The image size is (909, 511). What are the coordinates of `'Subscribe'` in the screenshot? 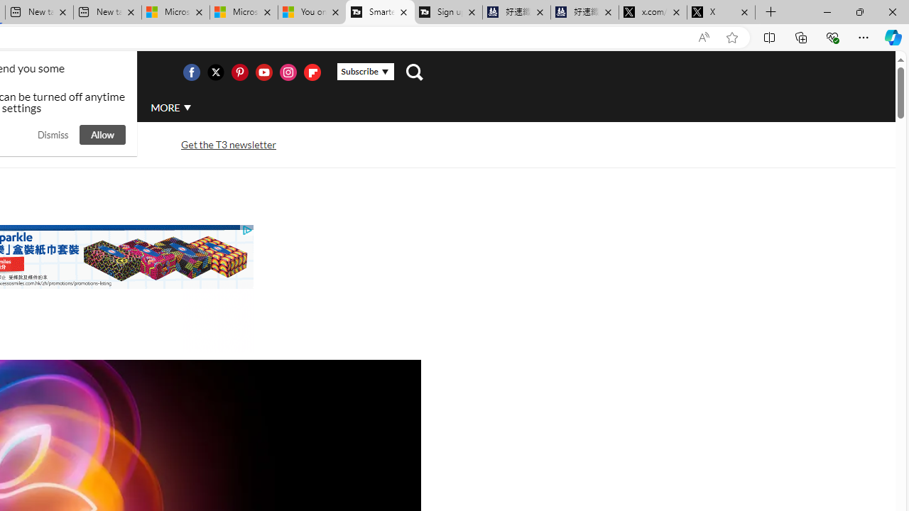 It's located at (365, 72).